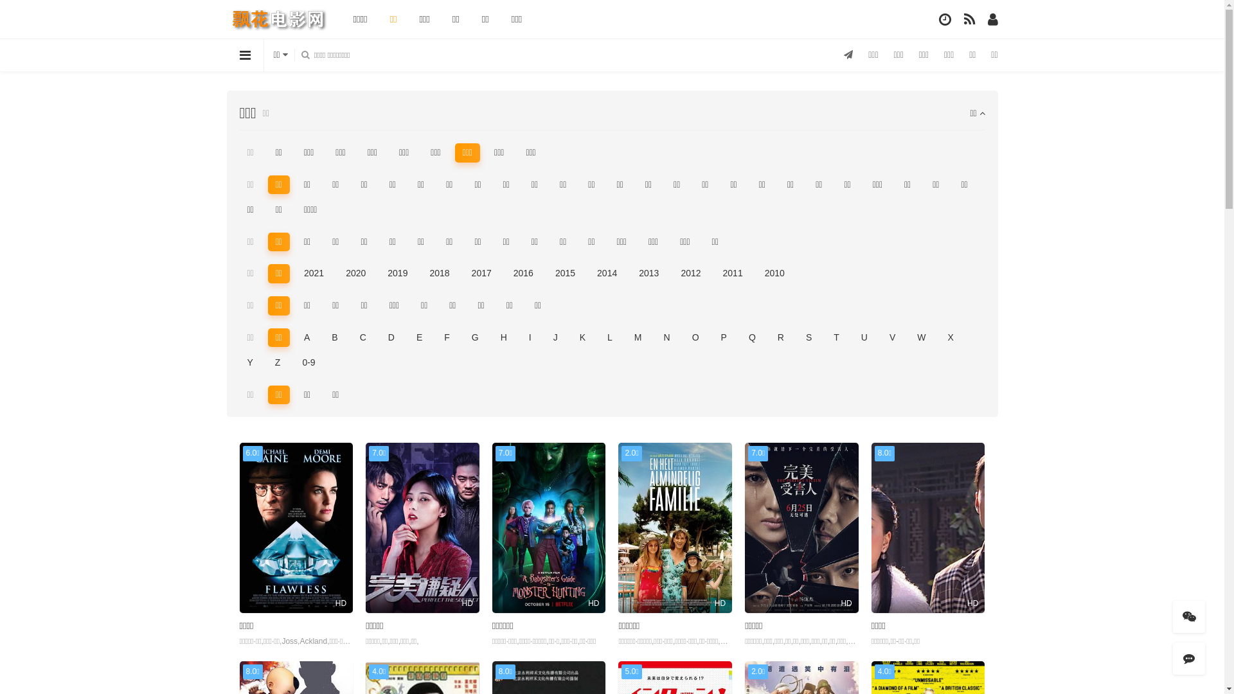  What do you see at coordinates (397, 272) in the screenshot?
I see `'2019'` at bounding box center [397, 272].